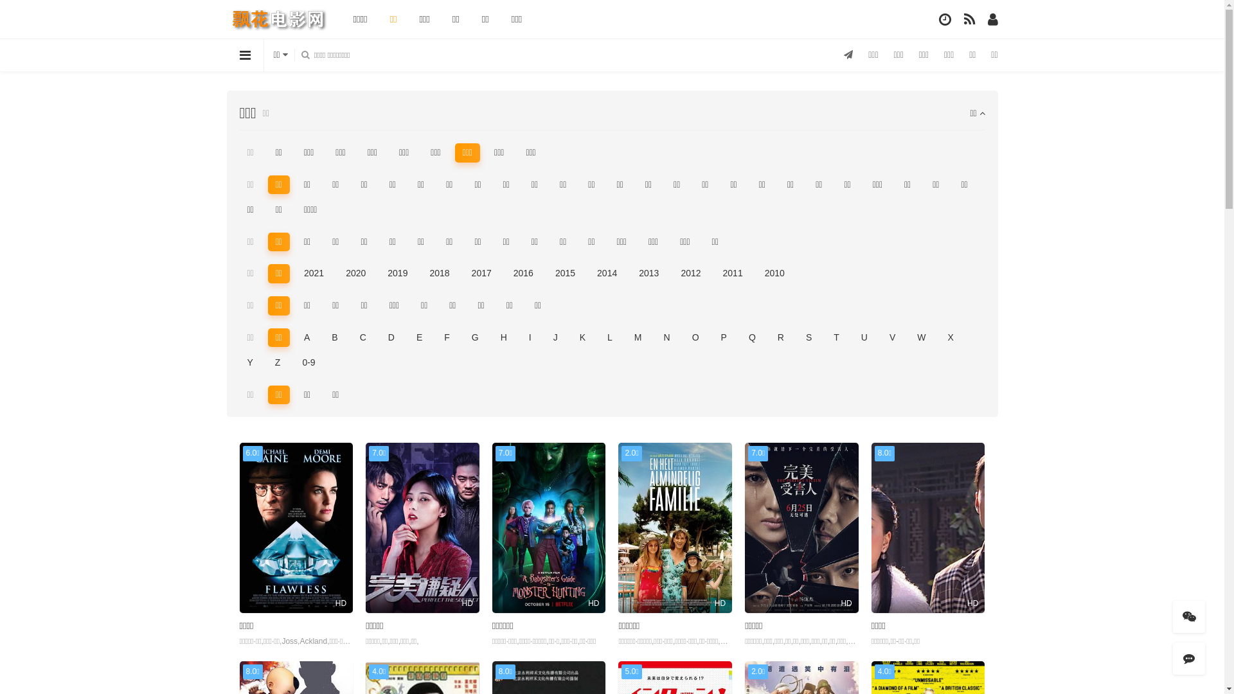  What do you see at coordinates (397, 272) in the screenshot?
I see `'2019'` at bounding box center [397, 272].